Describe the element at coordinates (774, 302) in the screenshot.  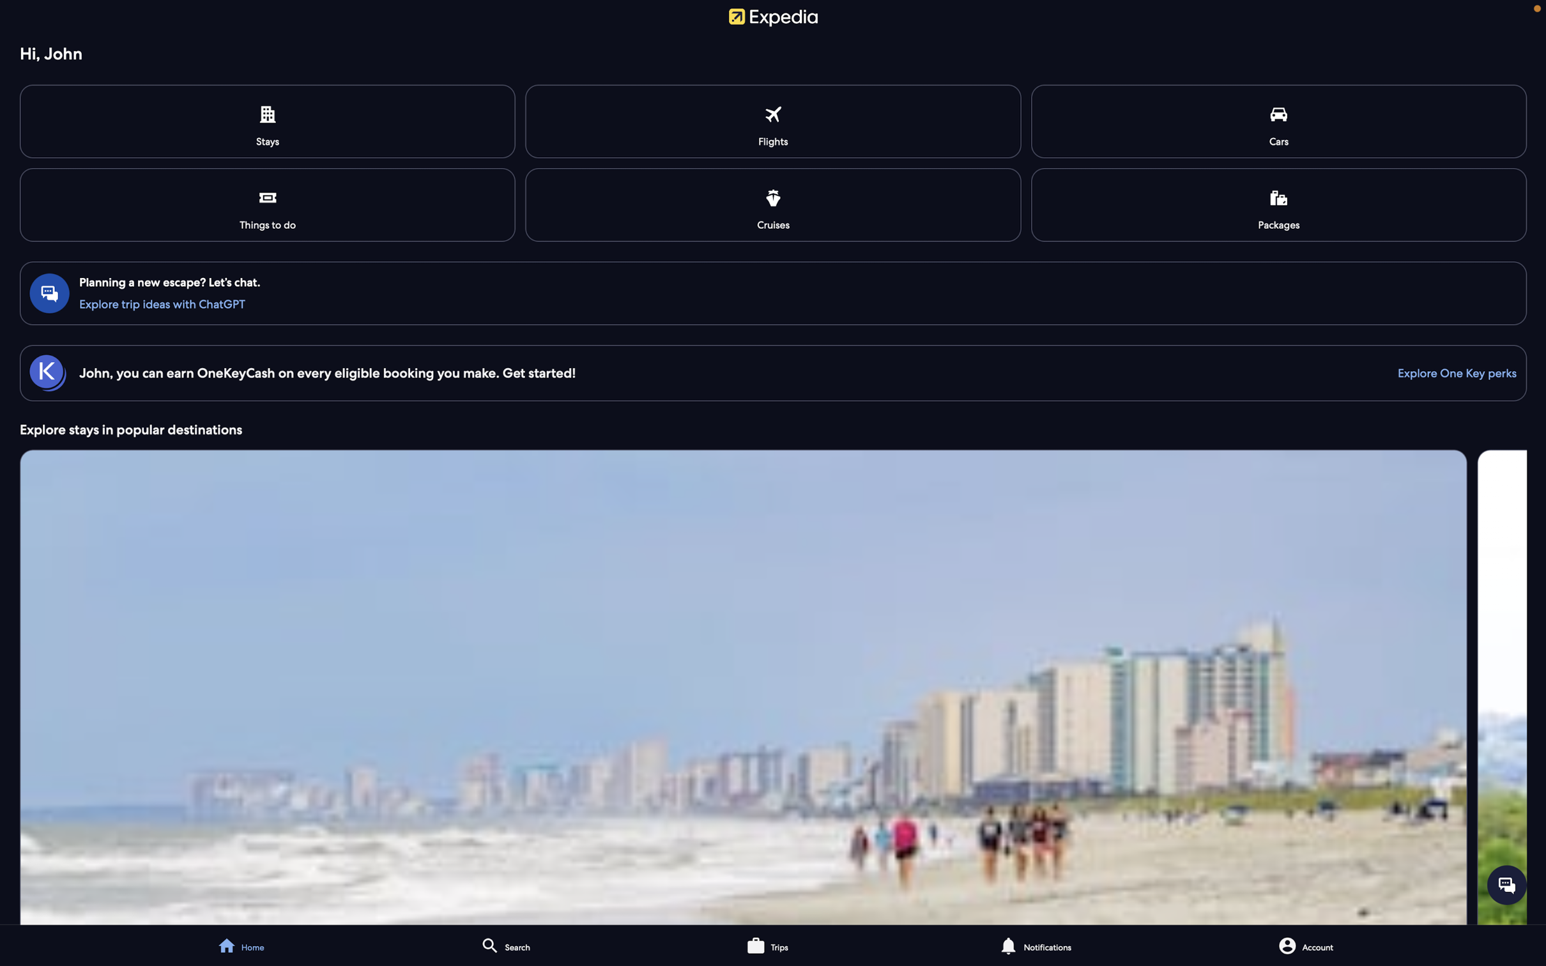
I see `the communication with the automated chat representative` at that location.